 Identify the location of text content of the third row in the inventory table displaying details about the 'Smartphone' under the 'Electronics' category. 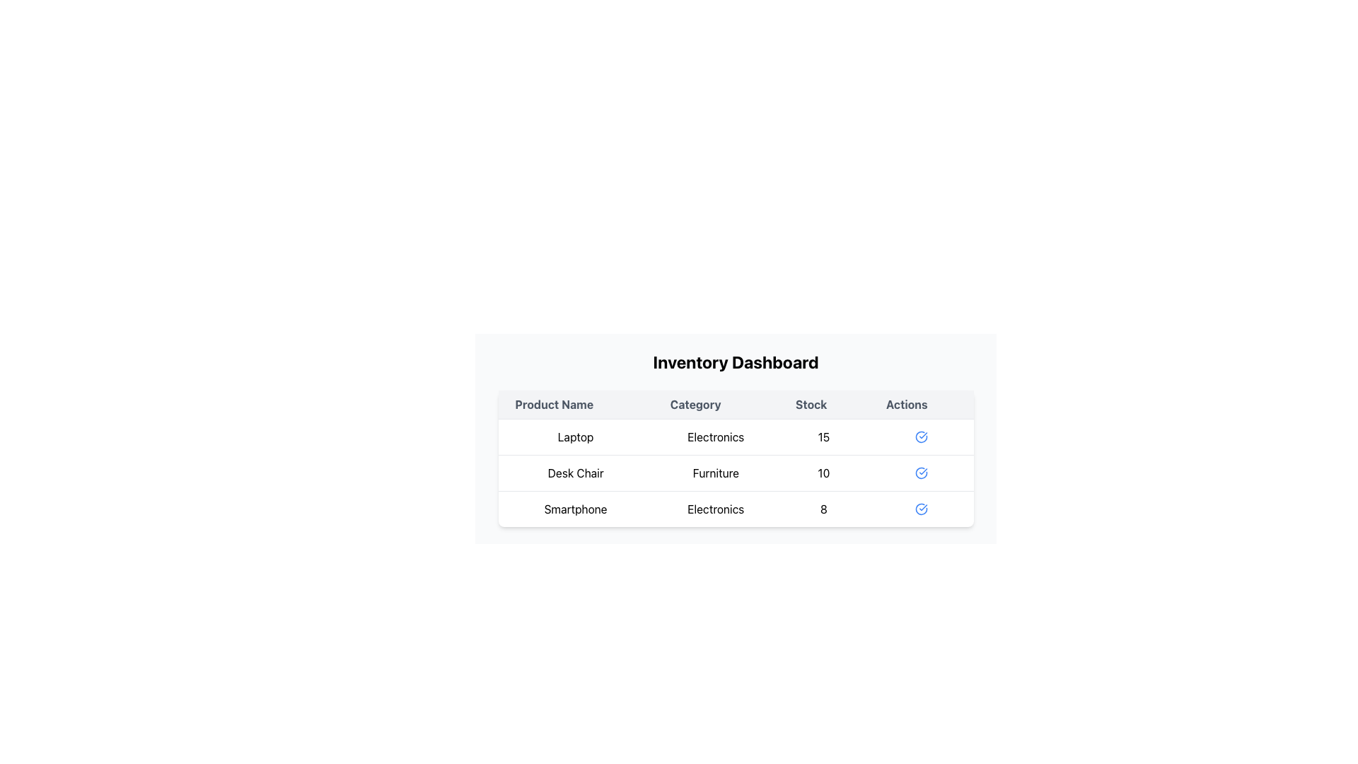
(736, 508).